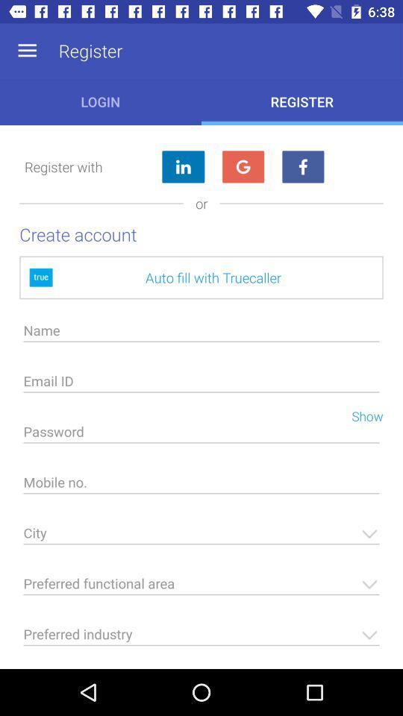 Image resolution: width=403 pixels, height=716 pixels. I want to click on your password, so click(201, 436).